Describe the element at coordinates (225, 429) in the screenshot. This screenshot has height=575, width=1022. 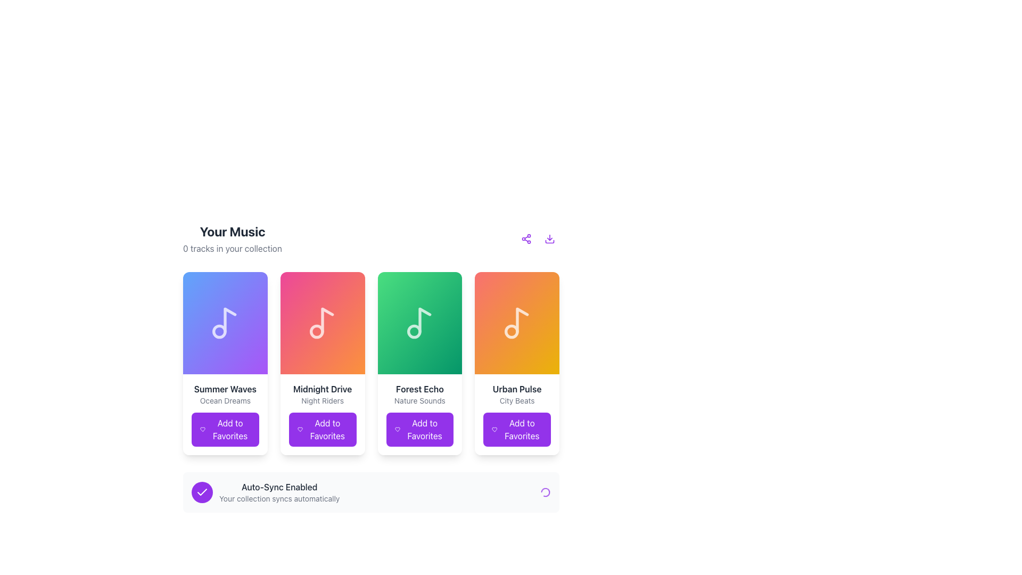
I see `the prominent button with a bold purple background and white text reading 'Add to Favorites'` at that location.